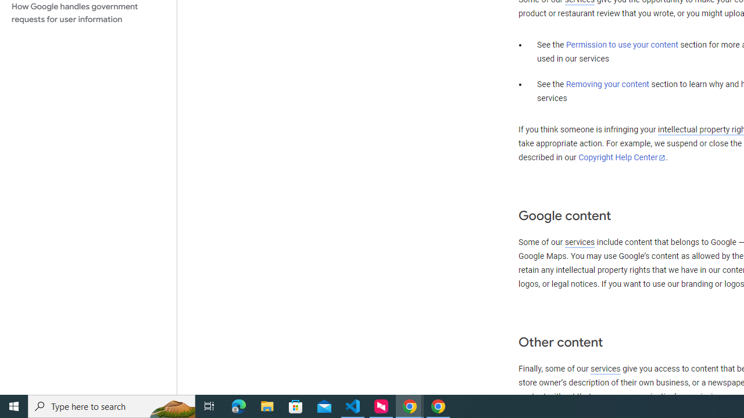 The image size is (744, 418). What do you see at coordinates (604, 369) in the screenshot?
I see `'services'` at bounding box center [604, 369].